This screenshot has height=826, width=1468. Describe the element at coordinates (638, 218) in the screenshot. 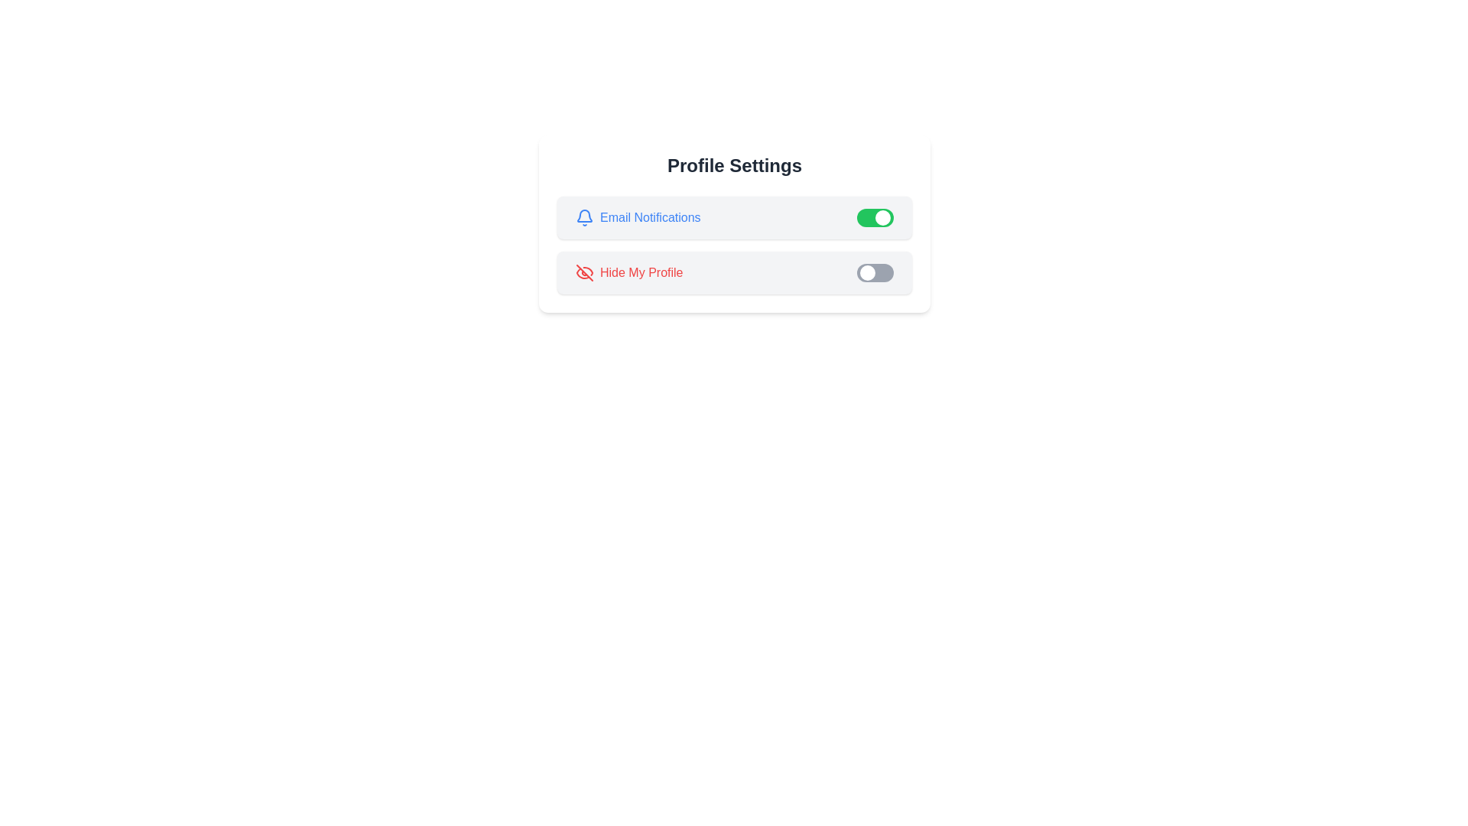

I see `label 'Email Notifications' which is a blue text accompanied by a bell icon, located on the left side of the settings panel` at that location.